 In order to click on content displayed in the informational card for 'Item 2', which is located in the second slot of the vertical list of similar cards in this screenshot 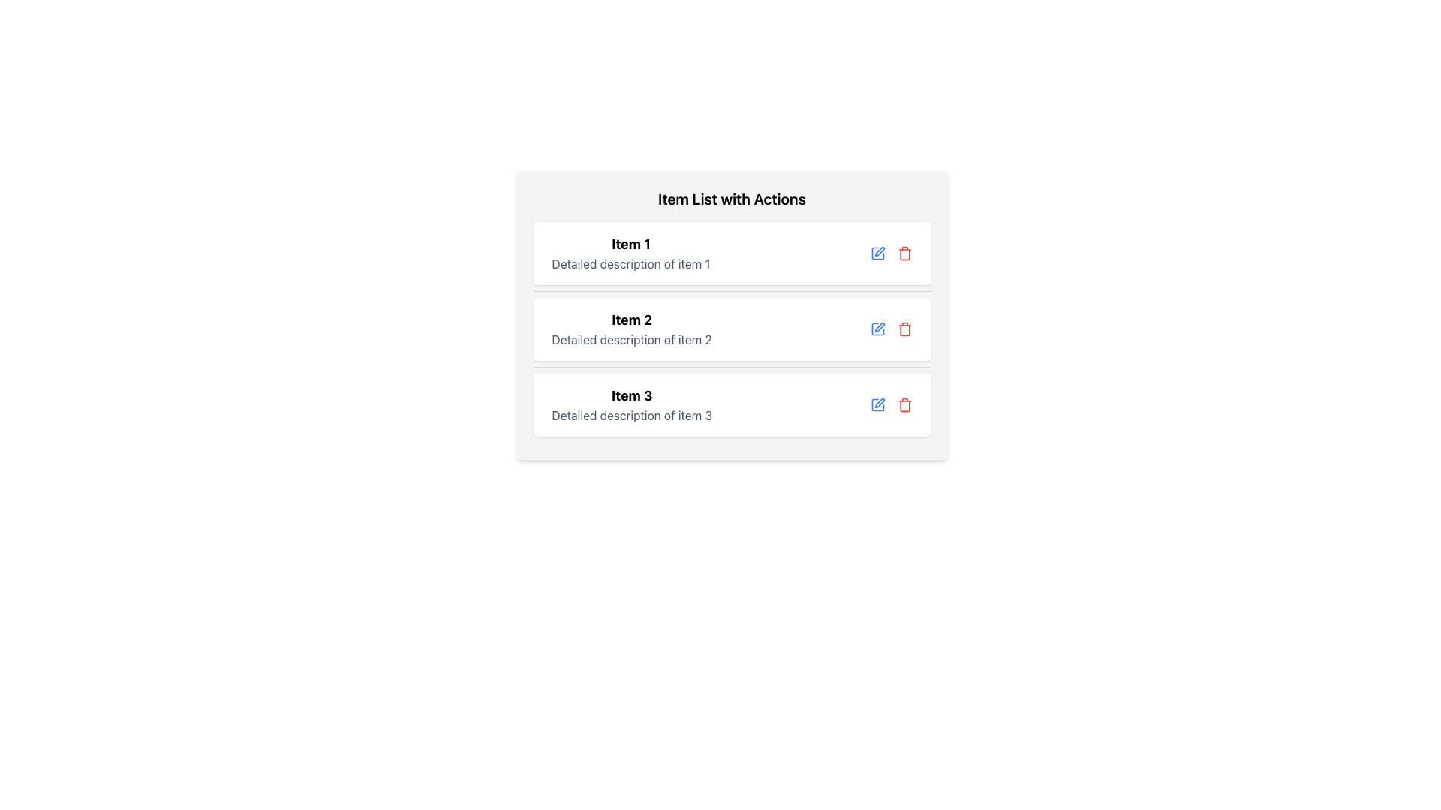, I will do `click(732, 328)`.